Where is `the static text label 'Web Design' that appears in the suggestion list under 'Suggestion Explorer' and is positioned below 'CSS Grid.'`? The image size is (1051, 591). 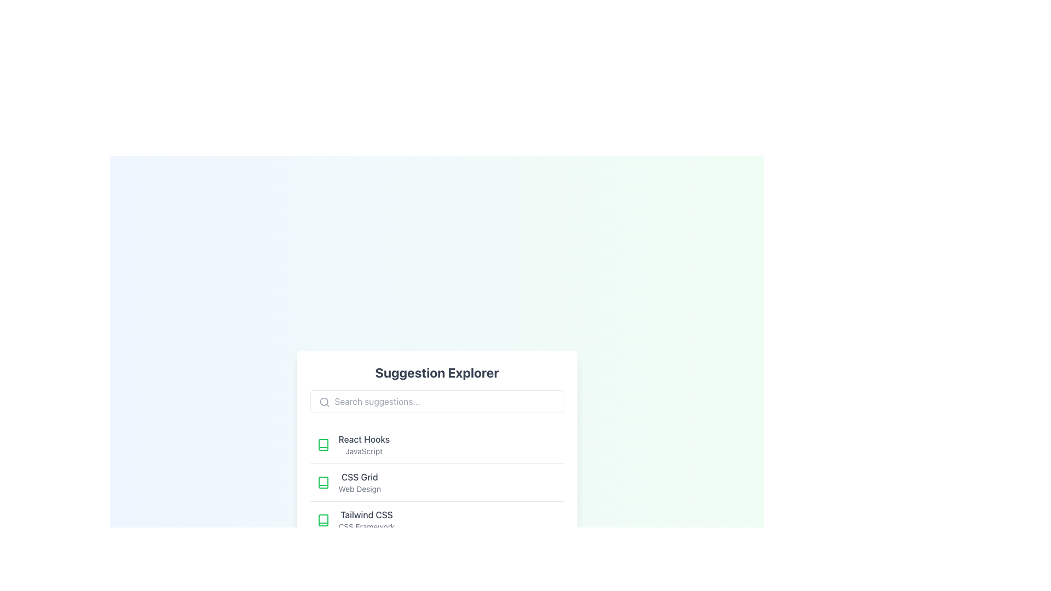
the static text label 'Web Design' that appears in the suggestion list under 'Suggestion Explorer' and is positioned below 'CSS Grid.' is located at coordinates (360, 489).